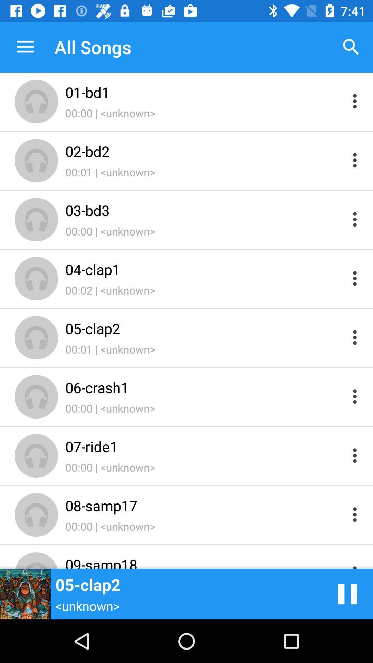 This screenshot has width=373, height=663. What do you see at coordinates (355, 101) in the screenshot?
I see `open options` at bounding box center [355, 101].